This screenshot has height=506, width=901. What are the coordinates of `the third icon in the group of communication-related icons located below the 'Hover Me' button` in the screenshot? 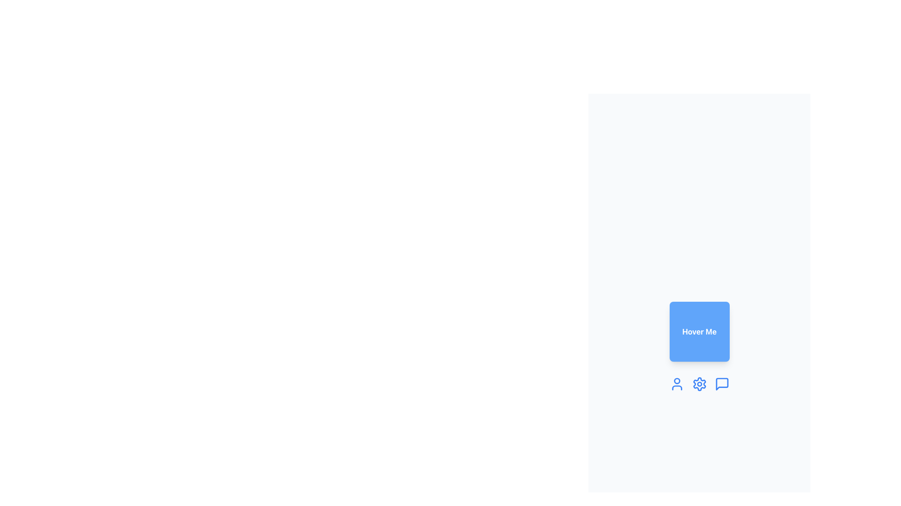 It's located at (721, 384).